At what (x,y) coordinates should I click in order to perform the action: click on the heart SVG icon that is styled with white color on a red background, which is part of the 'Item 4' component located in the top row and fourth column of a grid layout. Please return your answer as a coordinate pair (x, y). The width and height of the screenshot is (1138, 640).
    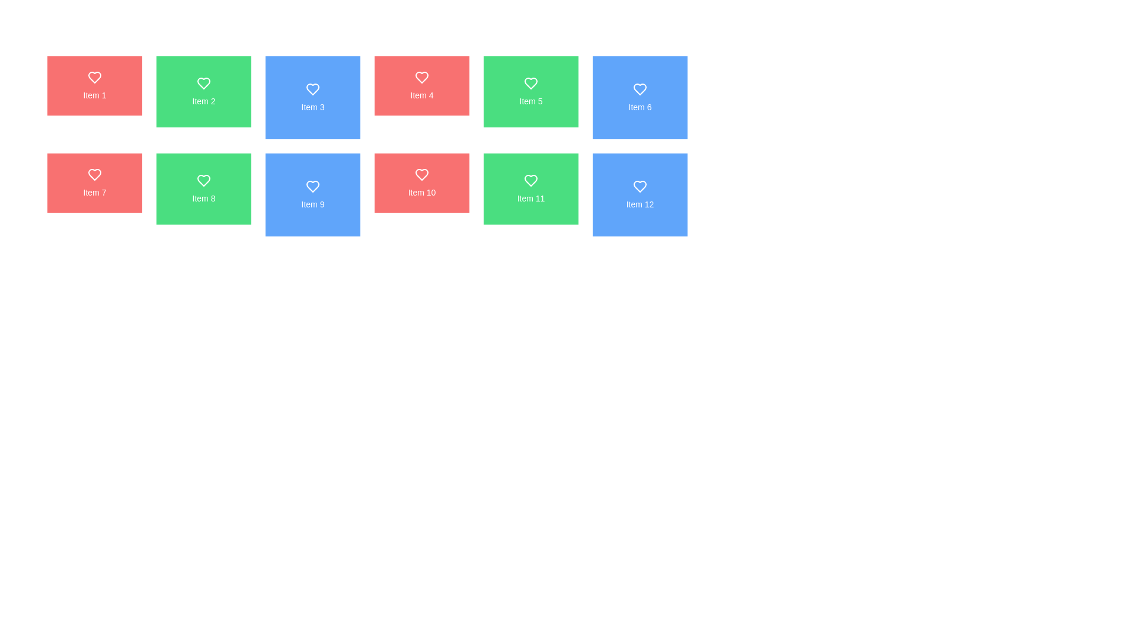
    Looking at the image, I should click on (421, 78).